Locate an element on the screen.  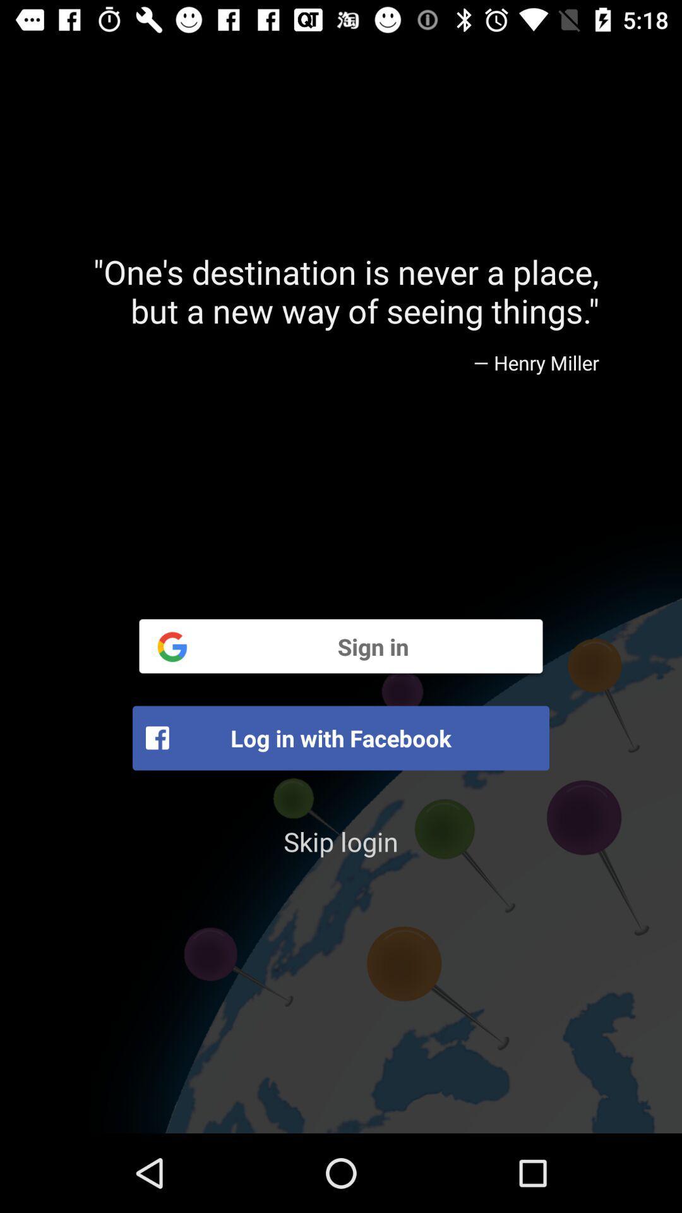
the log in with is located at coordinates (341, 738).